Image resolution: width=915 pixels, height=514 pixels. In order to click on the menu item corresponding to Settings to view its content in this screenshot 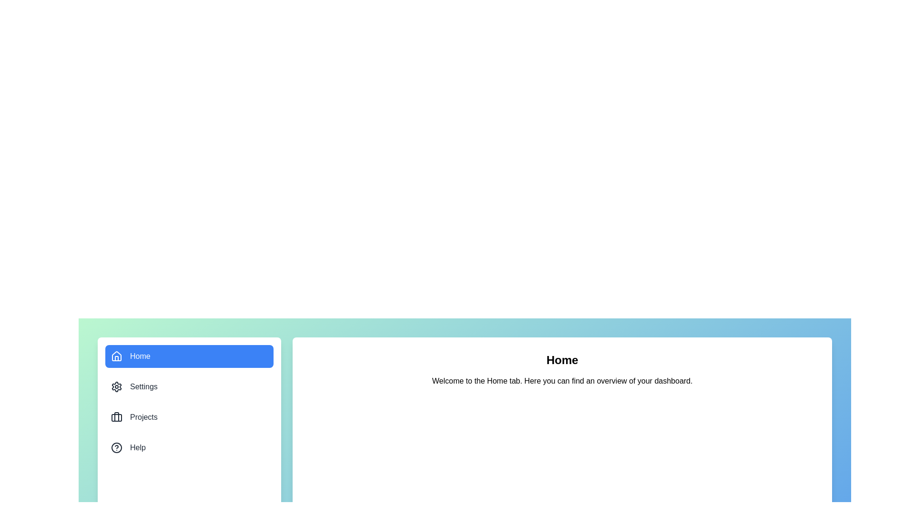, I will do `click(189, 387)`.